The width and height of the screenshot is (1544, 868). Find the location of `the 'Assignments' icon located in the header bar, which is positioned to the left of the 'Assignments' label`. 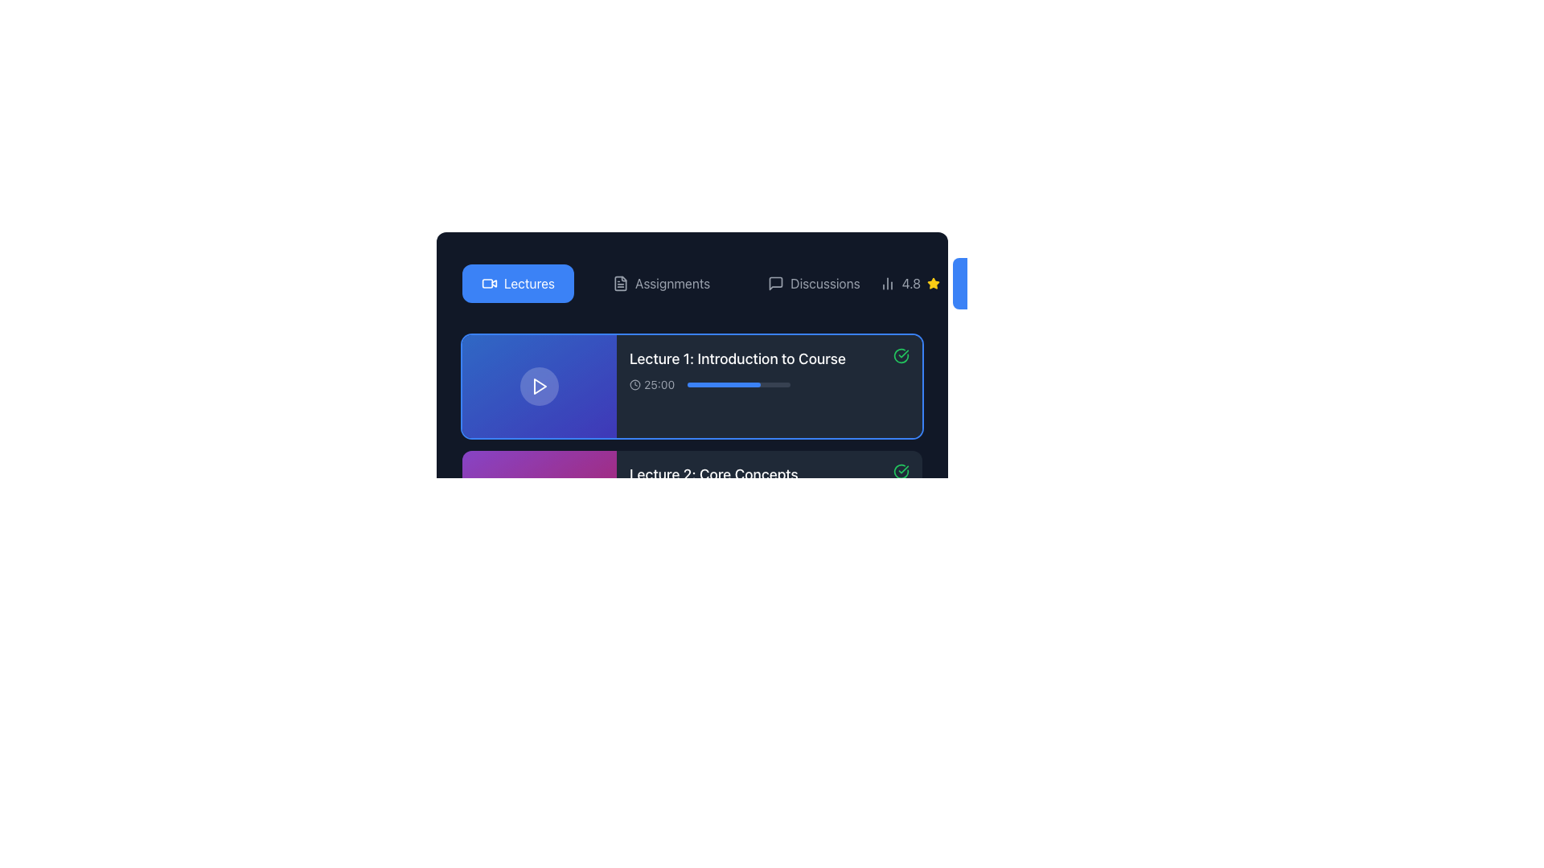

the 'Assignments' icon located in the header bar, which is positioned to the left of the 'Assignments' label is located at coordinates (620, 283).